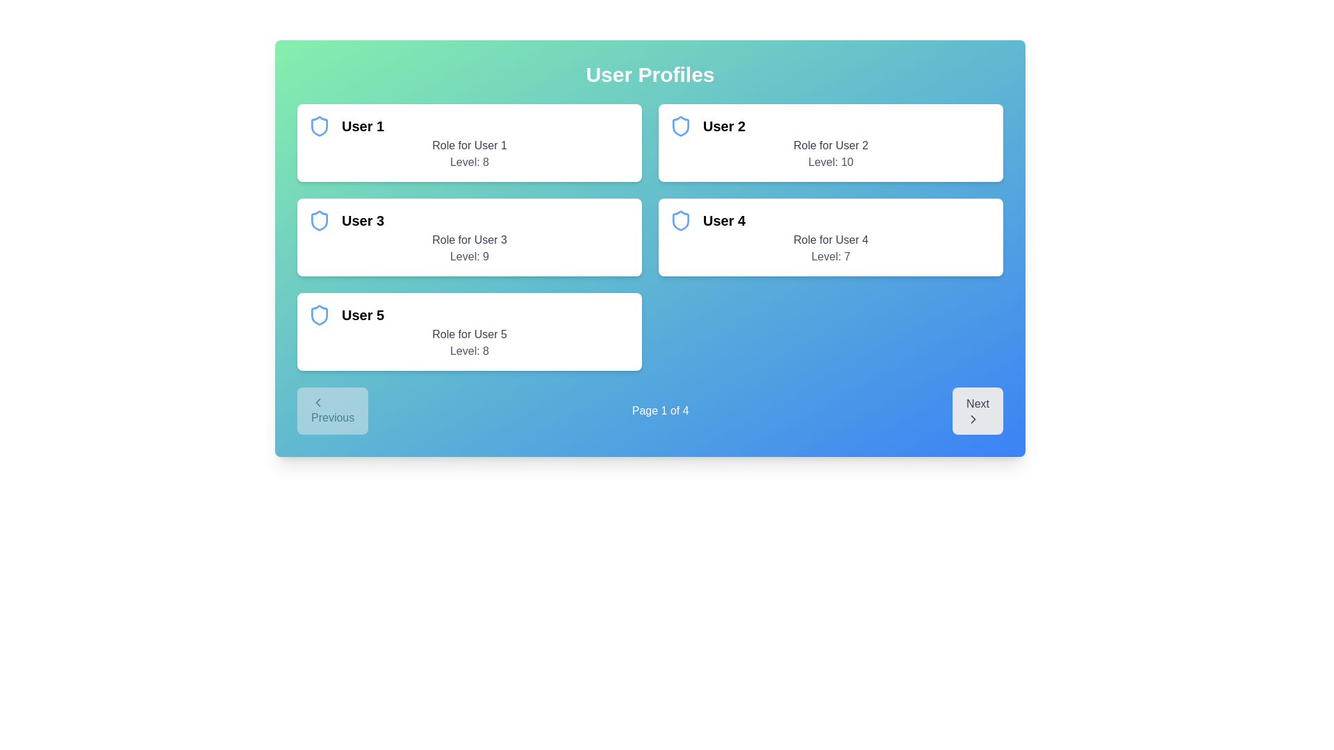 Image resolution: width=1334 pixels, height=750 pixels. I want to click on the second user profile card in the top row of the grid layout, so click(830, 142).